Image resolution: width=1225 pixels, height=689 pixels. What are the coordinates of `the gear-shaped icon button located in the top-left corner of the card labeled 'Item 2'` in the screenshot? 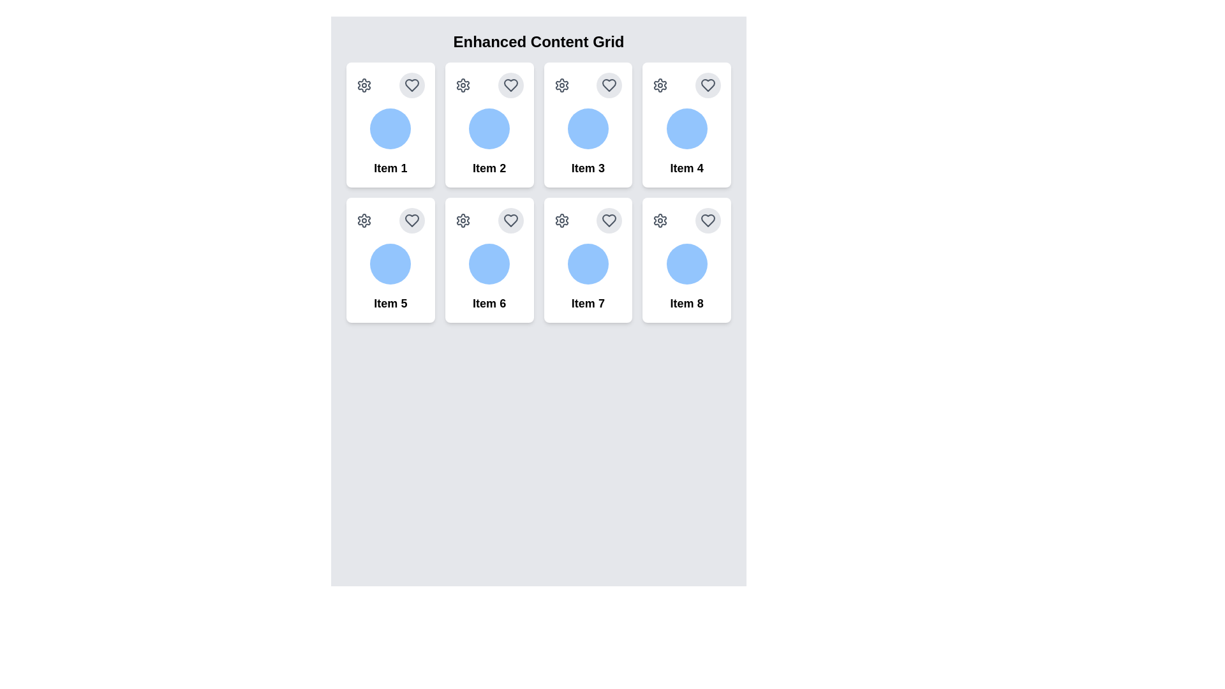 It's located at (462, 85).